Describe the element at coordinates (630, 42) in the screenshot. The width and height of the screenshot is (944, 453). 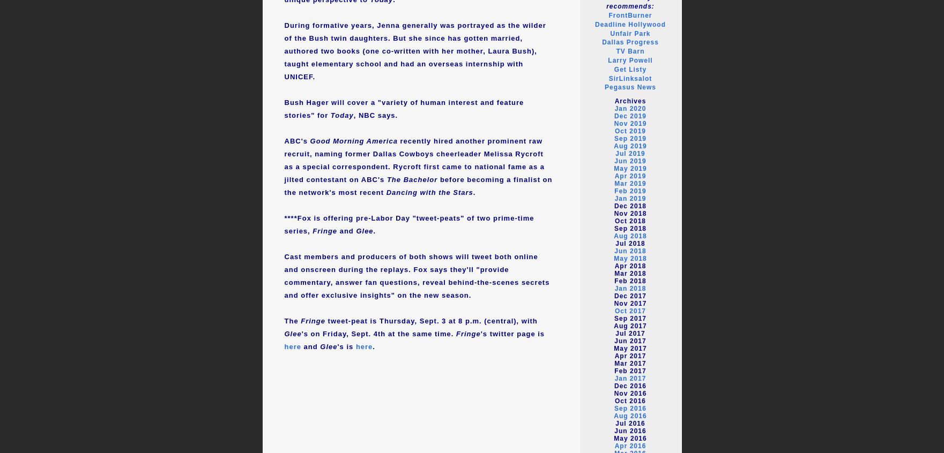
I see `'Dallas
            Progress'` at that location.